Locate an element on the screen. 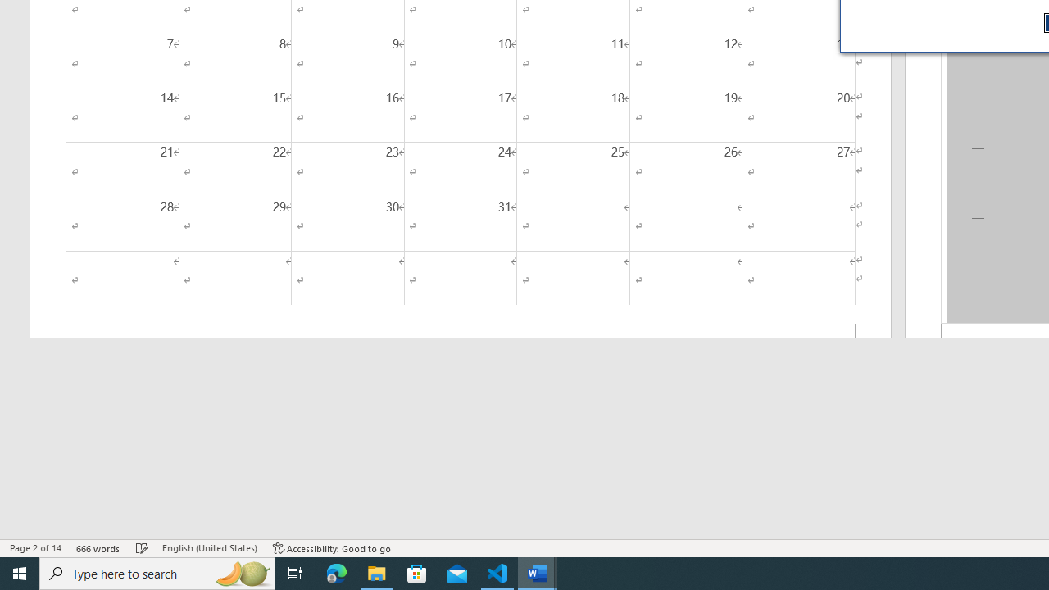 The height and width of the screenshot is (590, 1049). 'File Explorer - 1 running window' is located at coordinates (376, 572).